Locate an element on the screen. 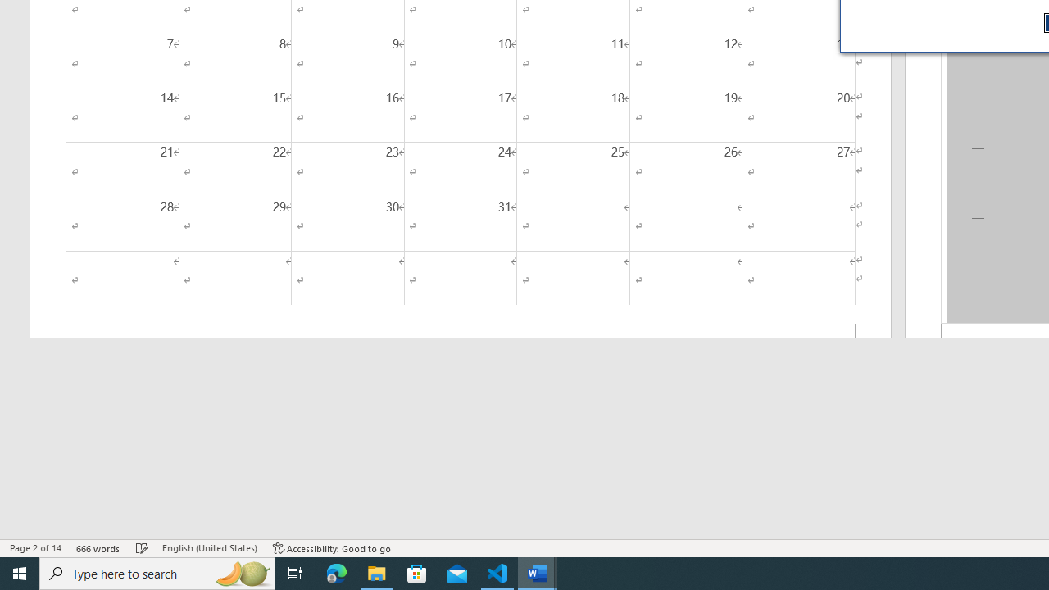 The height and width of the screenshot is (590, 1049). 'File Explorer - 1 running window' is located at coordinates (376, 572).